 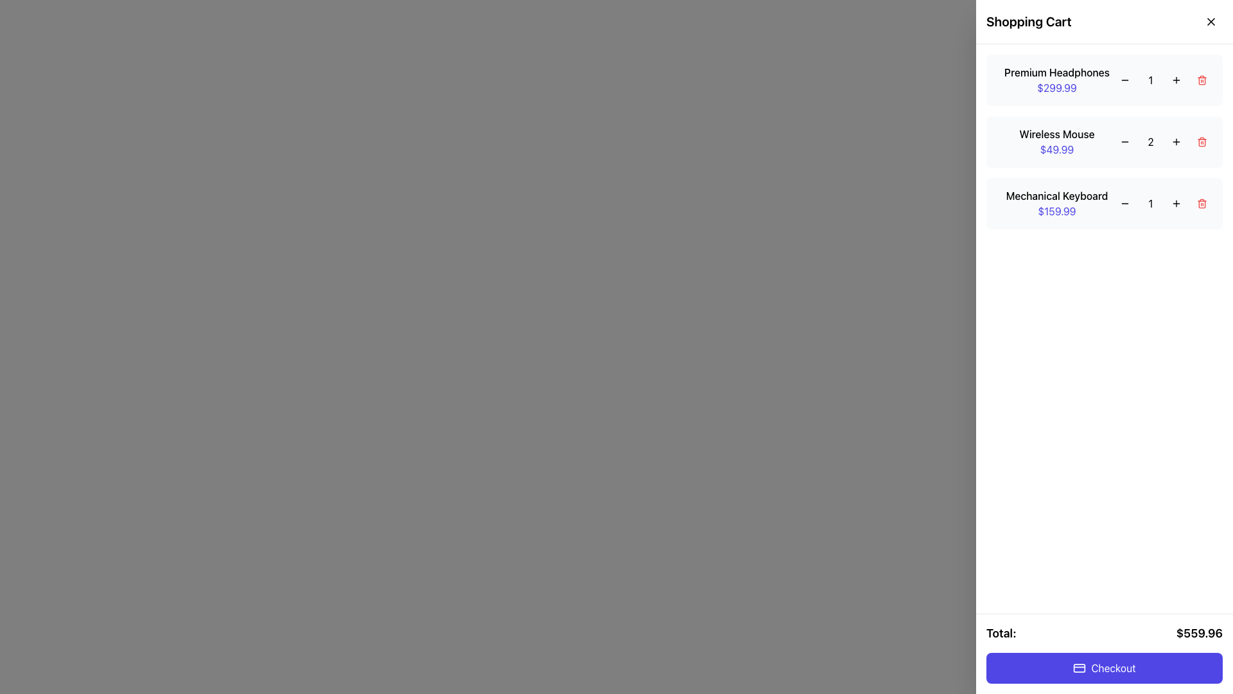 What do you see at coordinates (1150, 202) in the screenshot?
I see `the non-interactive Text label displaying the current quantity of the Mechanical Keyboard in the shopping cart interface, which is situated between the decrement and increment buttons` at bounding box center [1150, 202].